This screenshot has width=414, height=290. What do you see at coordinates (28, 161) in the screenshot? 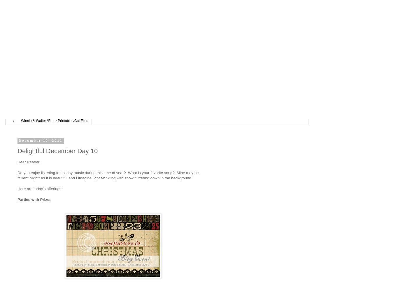
I see `'Dear Reader,'` at bounding box center [28, 161].